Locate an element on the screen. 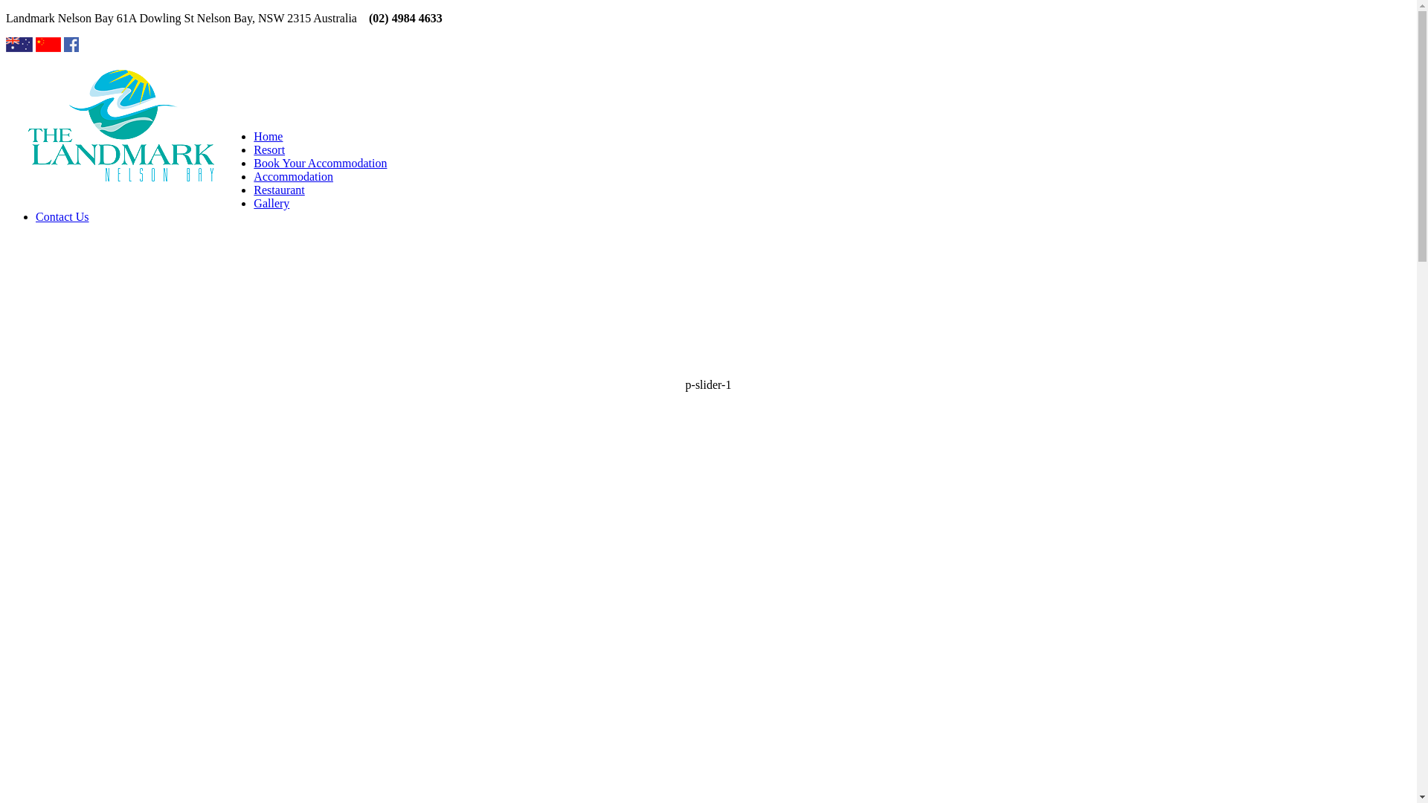 This screenshot has height=803, width=1428. 'Resort' is located at coordinates (268, 149).